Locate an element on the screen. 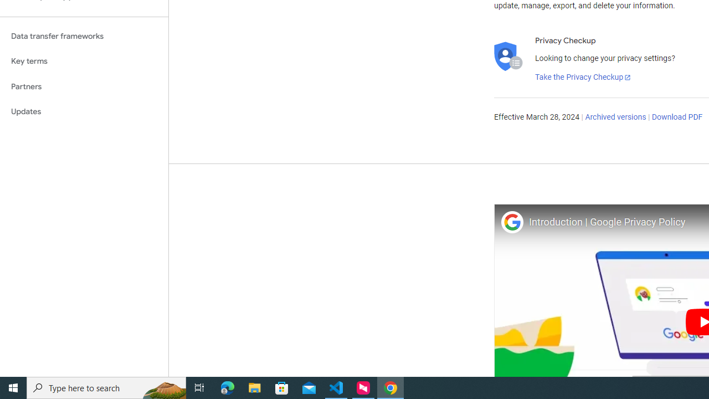  'Photo image of Google' is located at coordinates (511, 222).